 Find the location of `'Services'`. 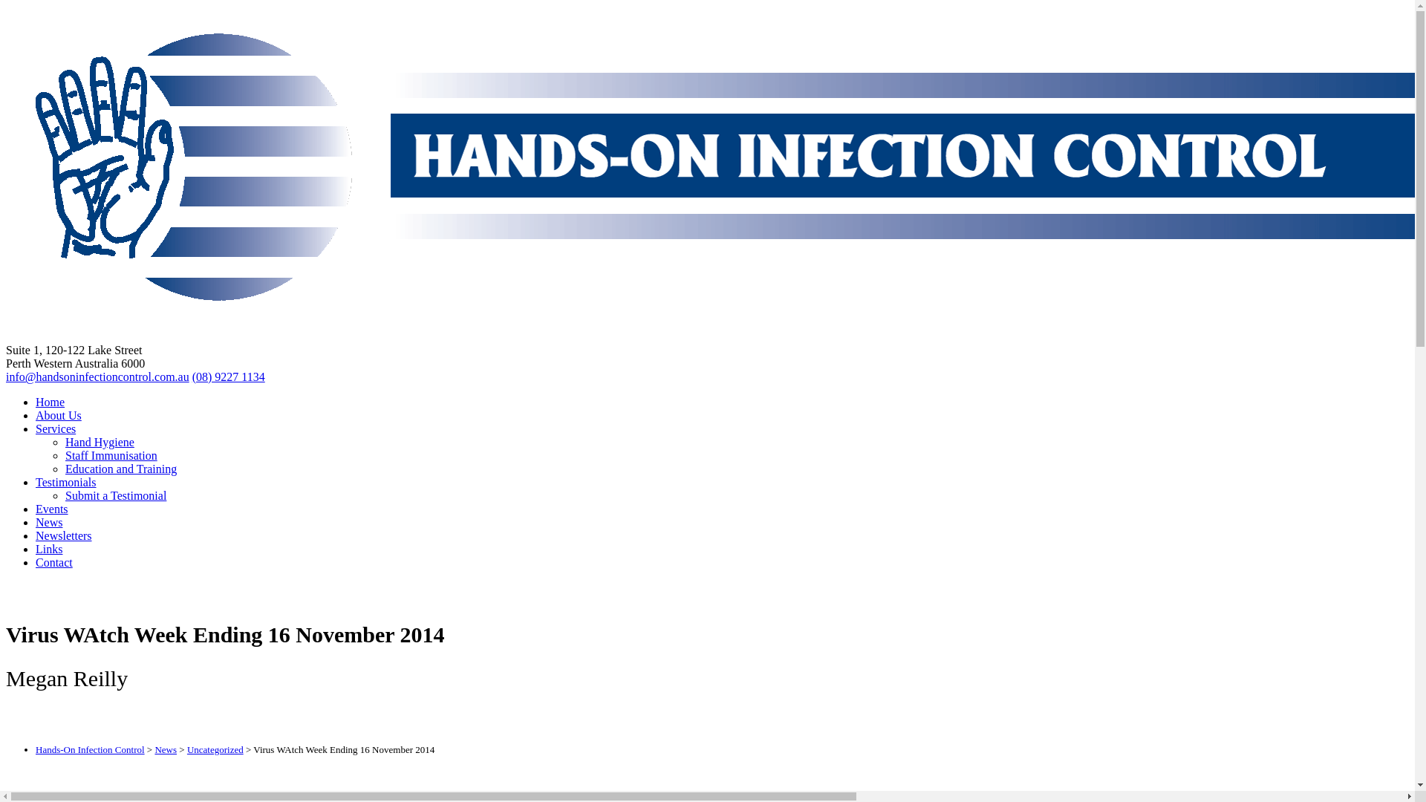

'Services' is located at coordinates (56, 428).